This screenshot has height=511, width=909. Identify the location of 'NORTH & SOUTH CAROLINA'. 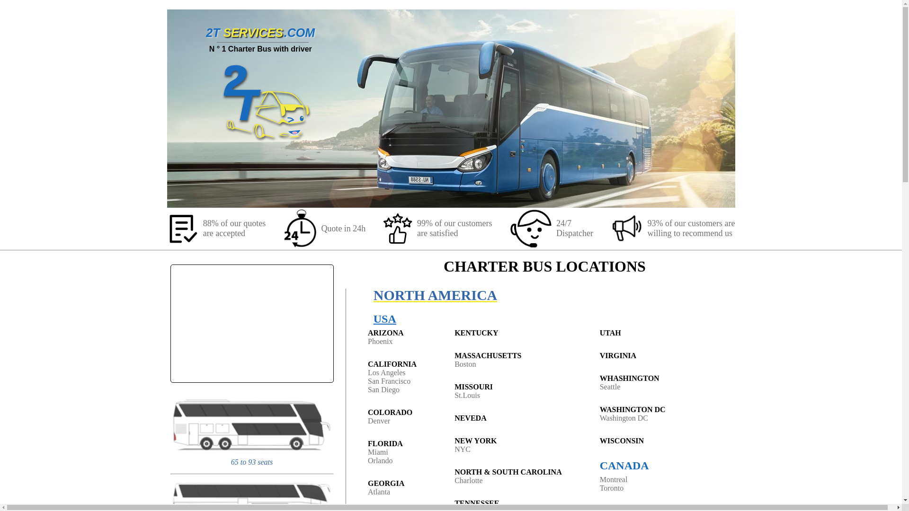
(508, 472).